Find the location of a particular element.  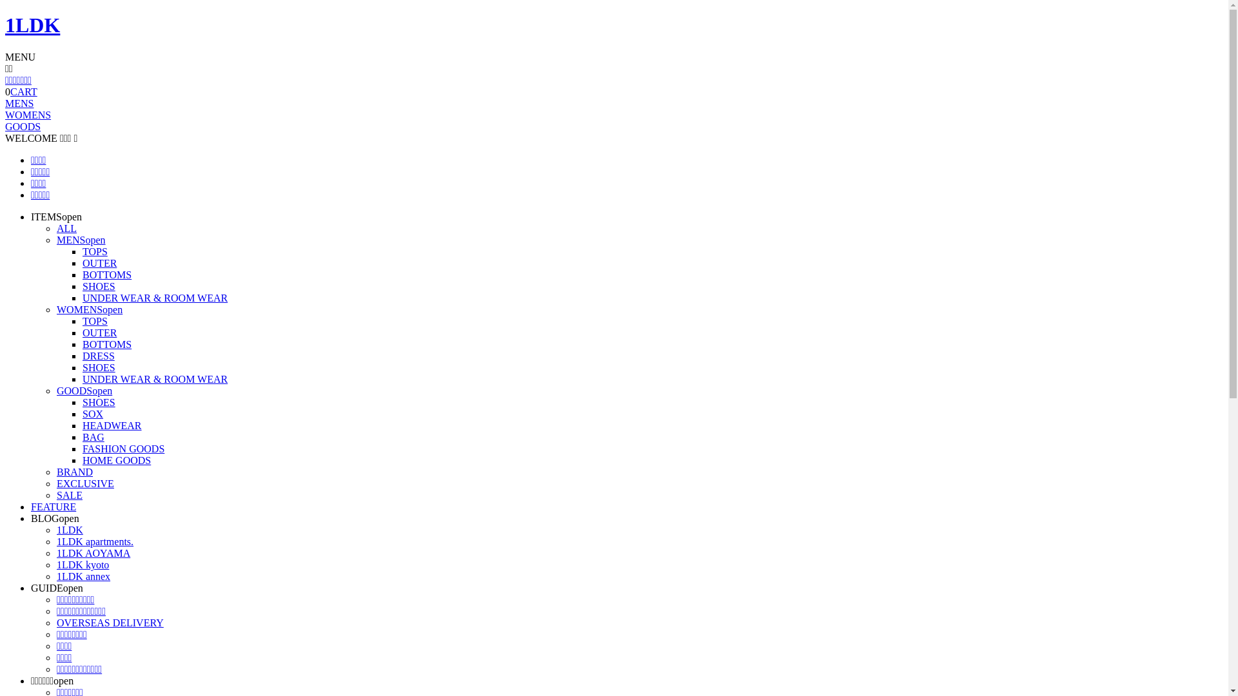

'SOX' is located at coordinates (92, 414).